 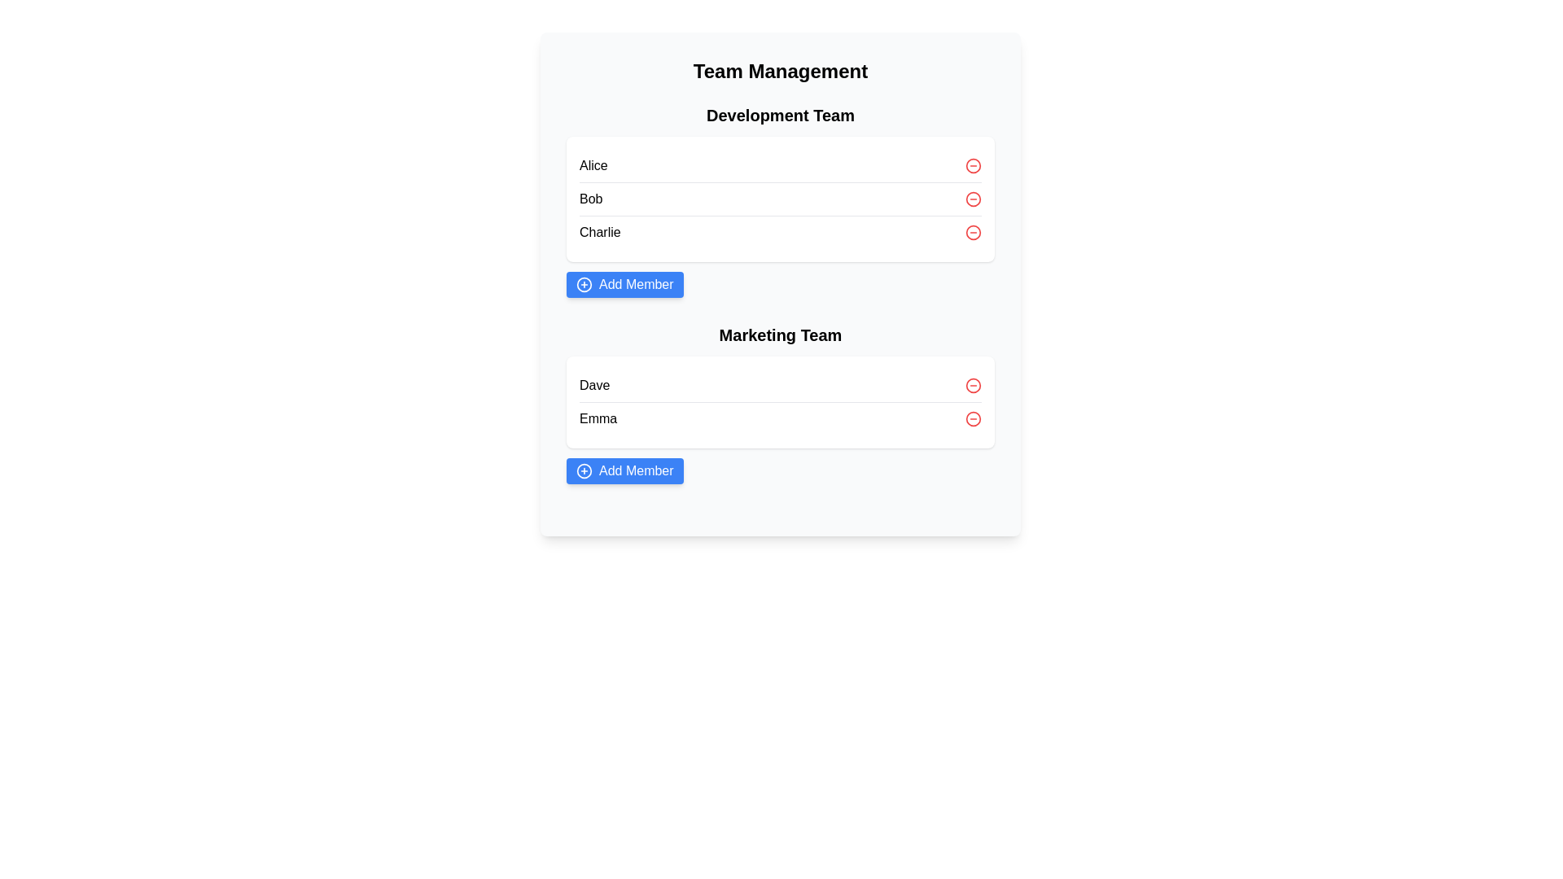 What do you see at coordinates (973, 386) in the screenshot?
I see `the minus icon next to the name Dave to remove that member` at bounding box center [973, 386].